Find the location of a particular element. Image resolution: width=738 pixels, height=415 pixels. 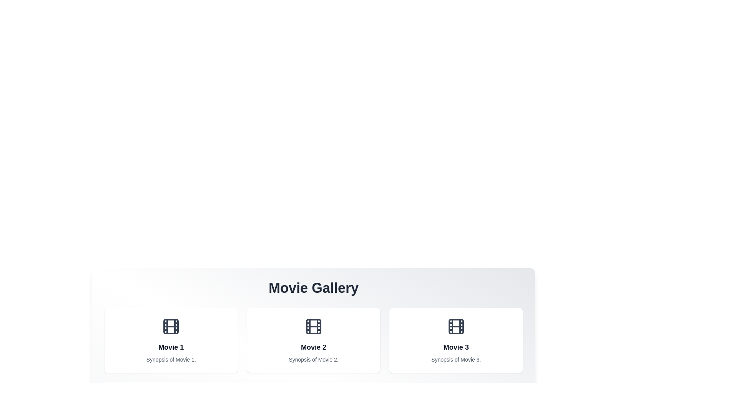

the decorative icon representing 'Movie 1', which is positioned at the top center of the card above the text and synopsis is located at coordinates (171, 326).